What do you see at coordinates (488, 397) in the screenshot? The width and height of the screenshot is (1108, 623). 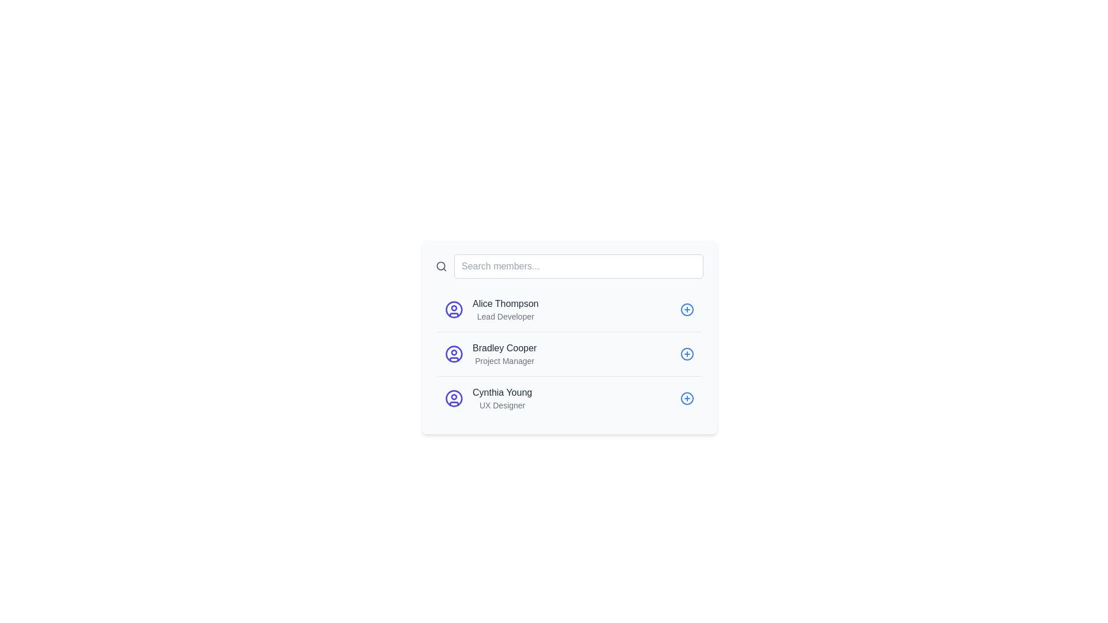 I see `the Profile listing entry that displays user information with text details and an avatar icon, located at the third position in a vertical list of members` at bounding box center [488, 397].